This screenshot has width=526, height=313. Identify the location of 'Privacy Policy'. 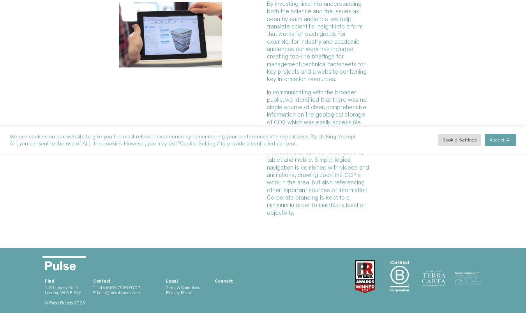
(178, 293).